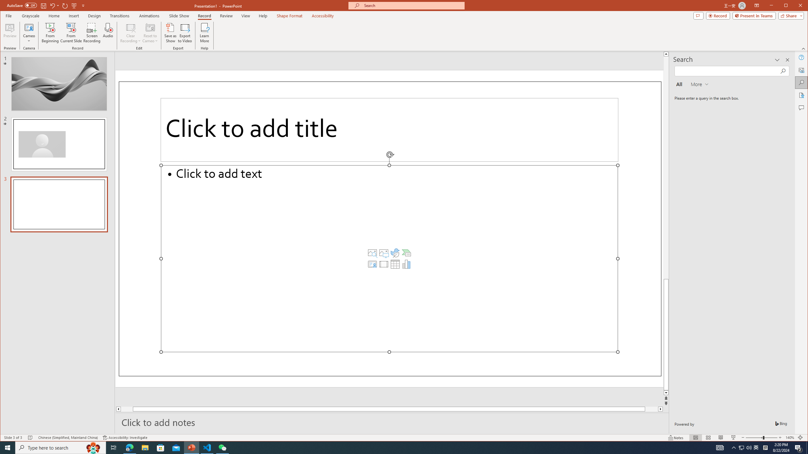 Image resolution: width=808 pixels, height=454 pixels. I want to click on 'Notification Chevron', so click(734, 447).